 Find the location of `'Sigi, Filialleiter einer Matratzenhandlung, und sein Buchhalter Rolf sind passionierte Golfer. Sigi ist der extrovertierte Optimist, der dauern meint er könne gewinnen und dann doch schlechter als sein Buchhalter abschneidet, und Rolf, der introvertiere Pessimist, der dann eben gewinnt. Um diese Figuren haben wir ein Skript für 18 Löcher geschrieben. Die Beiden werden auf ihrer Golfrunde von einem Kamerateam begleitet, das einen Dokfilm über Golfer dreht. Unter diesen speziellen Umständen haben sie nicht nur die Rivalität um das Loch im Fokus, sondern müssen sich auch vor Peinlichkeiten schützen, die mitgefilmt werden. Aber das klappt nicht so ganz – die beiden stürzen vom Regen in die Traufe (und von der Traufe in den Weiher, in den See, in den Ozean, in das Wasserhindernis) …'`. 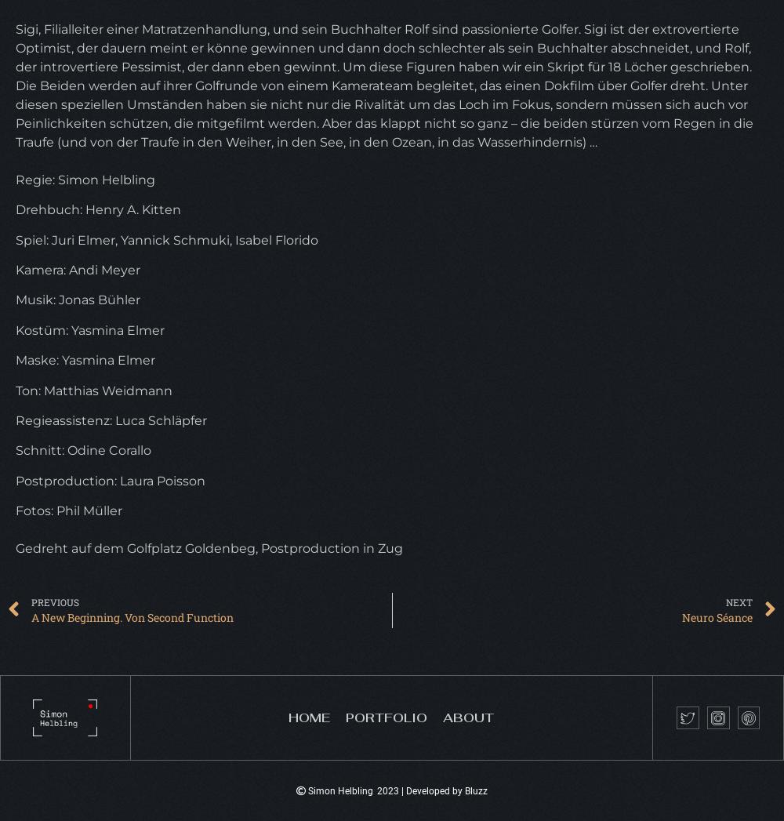

'Sigi, Filialleiter einer Matratzenhandlung, und sein Buchhalter Rolf sind passionierte Golfer. Sigi ist der extrovertierte Optimist, der dauern meint er könne gewinnen und dann doch schlechter als sein Buchhalter abschneidet, und Rolf, der introvertiere Pessimist, der dann eben gewinnt. Um diese Figuren haben wir ein Skript für 18 Löcher geschrieben. Die Beiden werden auf ihrer Golfrunde von einem Kamerateam begleitet, das einen Dokfilm über Golfer dreht. Unter diesen speziellen Umständen haben sie nicht nur die Rivalität um das Loch im Fokus, sondern müssen sich auch vor Peinlichkeiten schützen, die mitgefilmt werden. Aber das klappt nicht so ganz – die beiden stürzen vom Regen in die Traufe (und von der Traufe in den Weiher, in den See, in den Ozean, in das Wasserhindernis) …' is located at coordinates (383, 84).